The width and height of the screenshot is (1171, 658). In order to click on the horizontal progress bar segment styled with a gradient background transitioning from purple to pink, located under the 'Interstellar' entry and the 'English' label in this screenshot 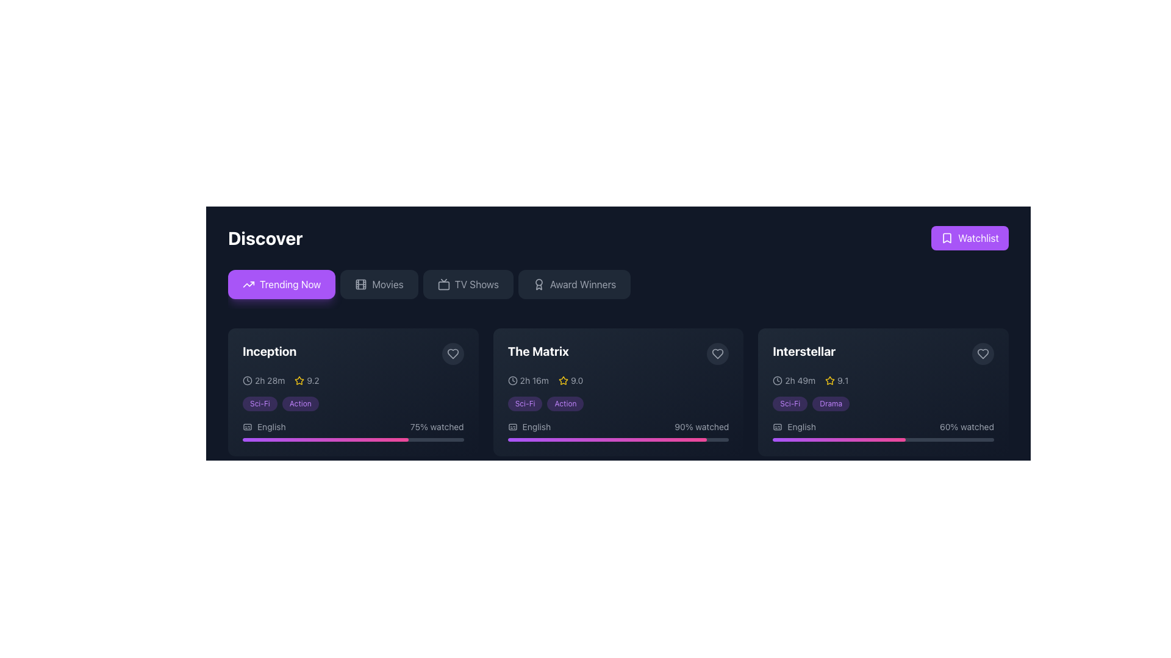, I will do `click(839, 439)`.